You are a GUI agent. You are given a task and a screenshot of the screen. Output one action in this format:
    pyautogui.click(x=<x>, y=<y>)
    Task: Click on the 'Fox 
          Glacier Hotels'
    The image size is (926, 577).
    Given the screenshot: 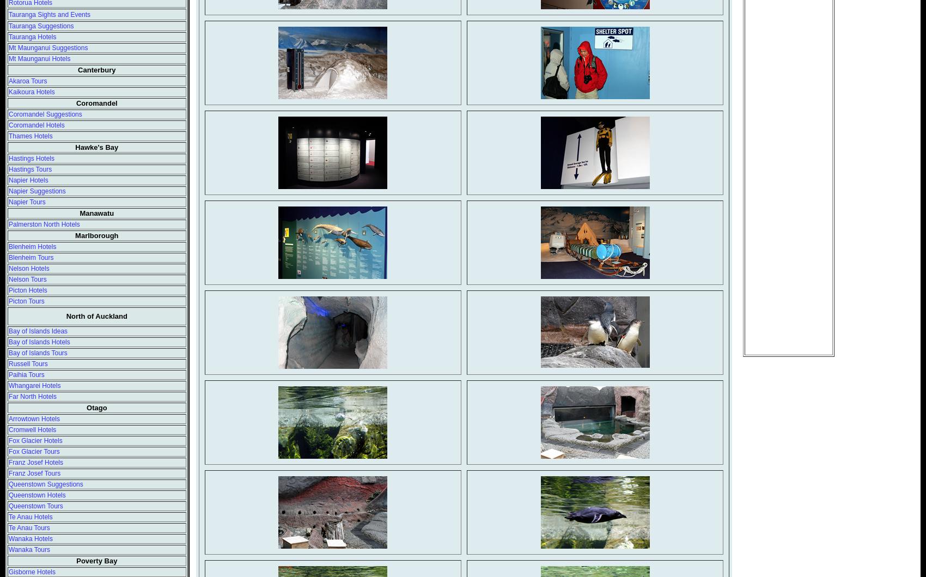 What is the action you would take?
    pyautogui.click(x=35, y=440)
    